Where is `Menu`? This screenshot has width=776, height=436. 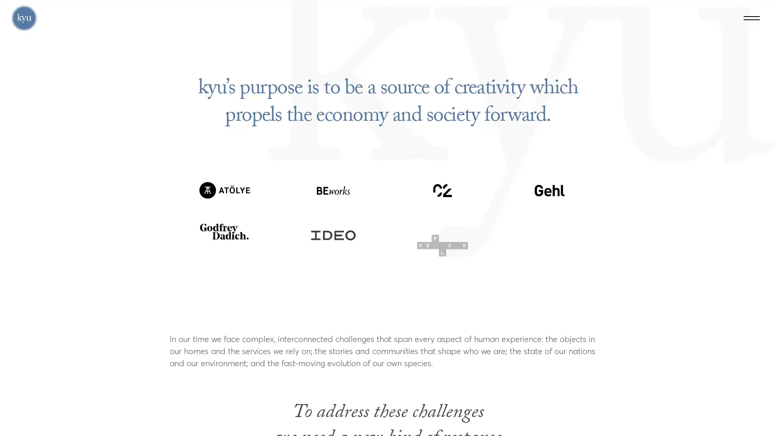
Menu is located at coordinates (751, 18).